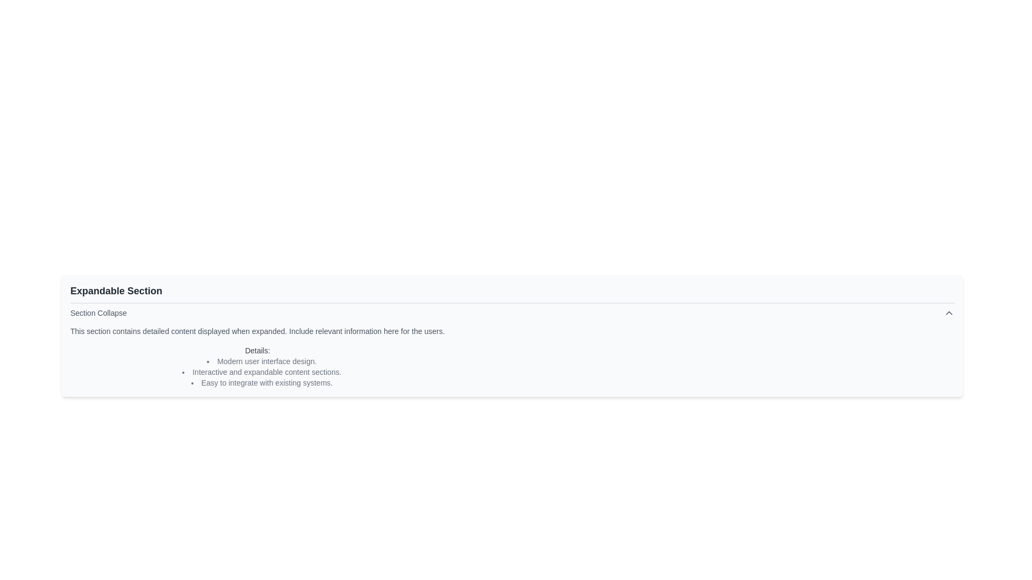 The image size is (1032, 580). I want to click on informational text item that states 'Easy to integrate with existing systems.' which is the last item in a vertical bullet-point list, so click(262, 382).